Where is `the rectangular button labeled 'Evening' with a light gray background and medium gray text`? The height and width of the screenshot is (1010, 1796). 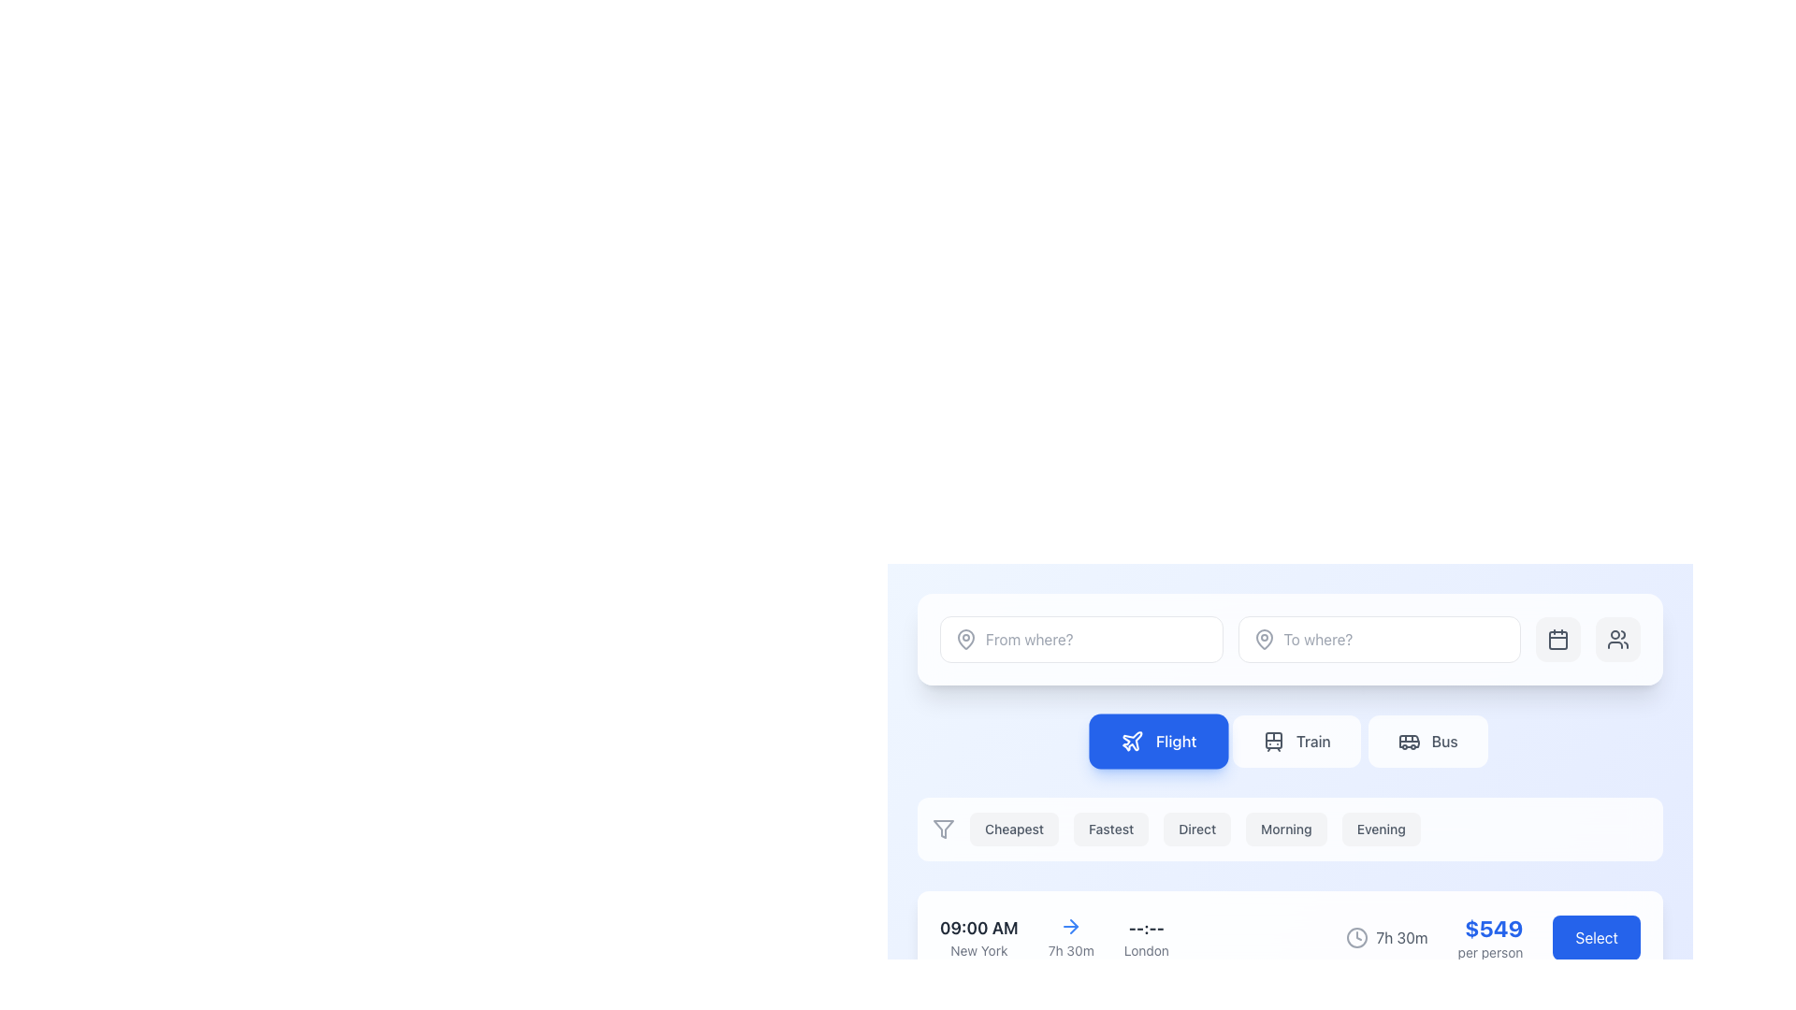
the rectangular button labeled 'Evening' with a light gray background and medium gray text is located at coordinates (1381, 829).